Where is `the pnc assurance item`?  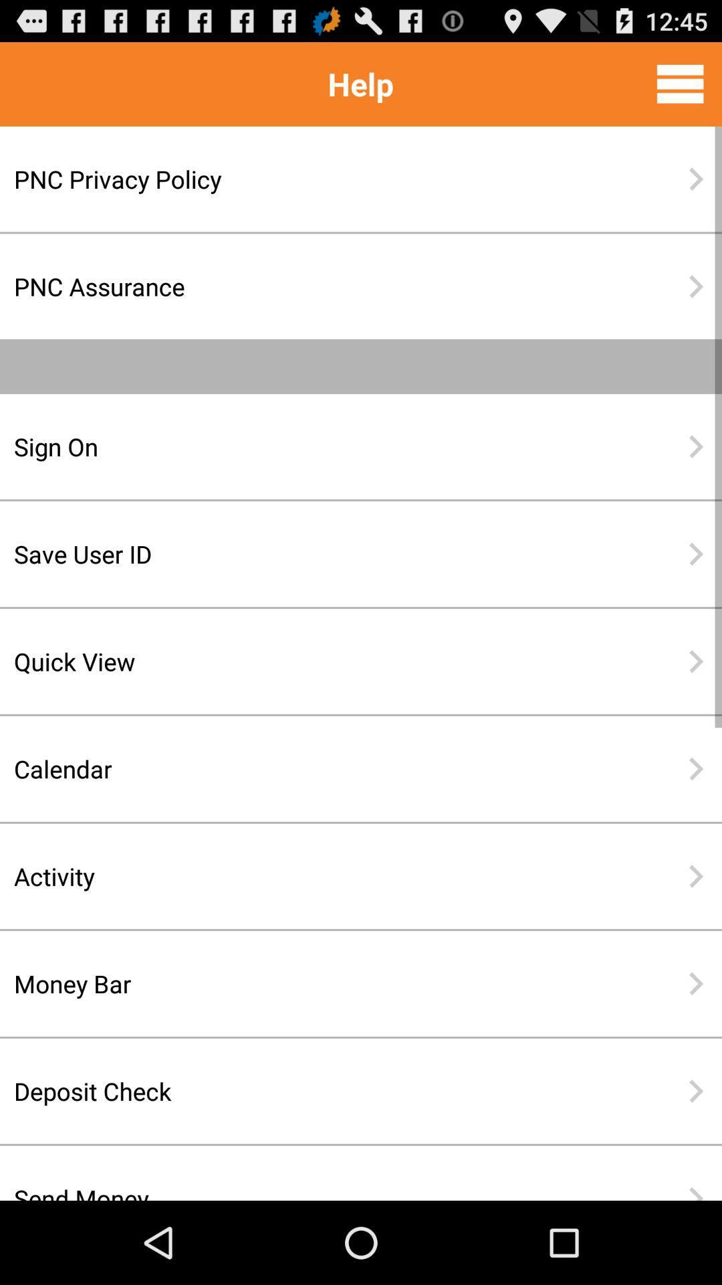
the pnc assurance item is located at coordinates (318, 286).